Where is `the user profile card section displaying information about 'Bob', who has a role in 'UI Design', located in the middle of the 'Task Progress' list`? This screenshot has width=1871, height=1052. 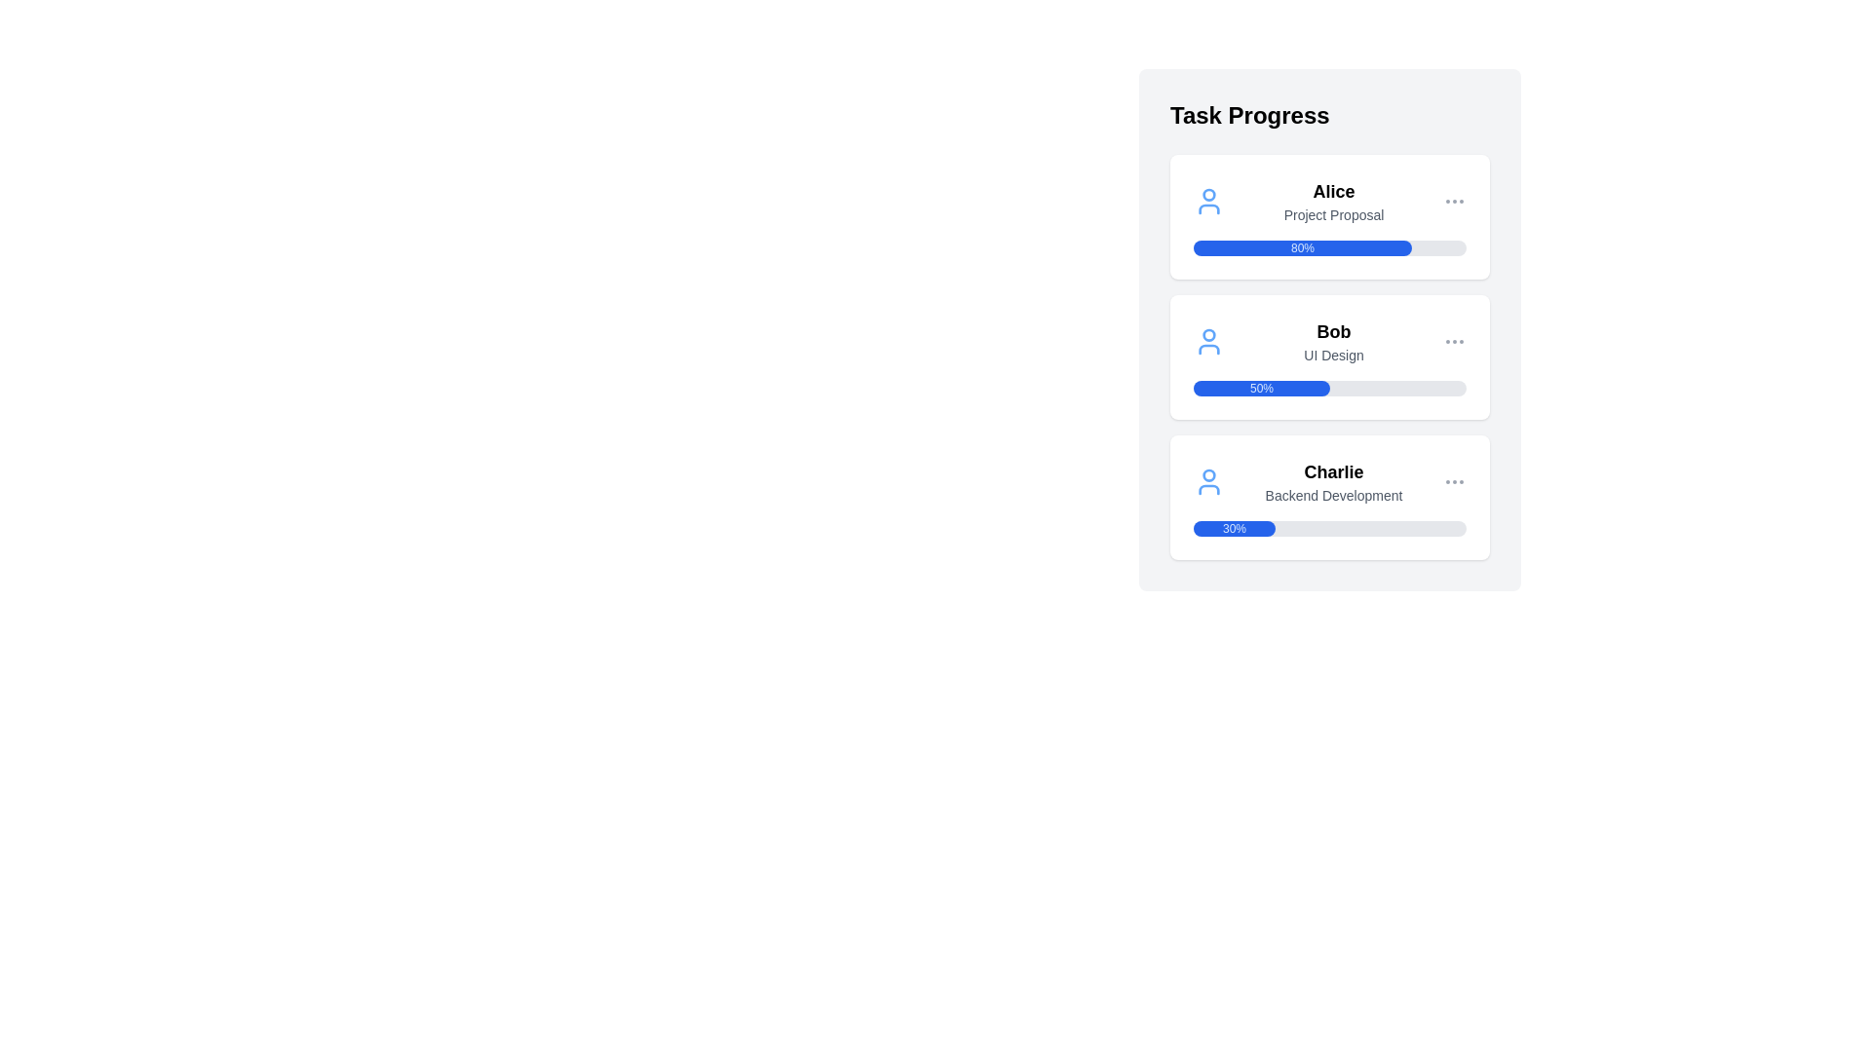
the user profile card section displaying information about 'Bob', who has a role in 'UI Design', located in the middle of the 'Task Progress' list is located at coordinates (1328, 341).